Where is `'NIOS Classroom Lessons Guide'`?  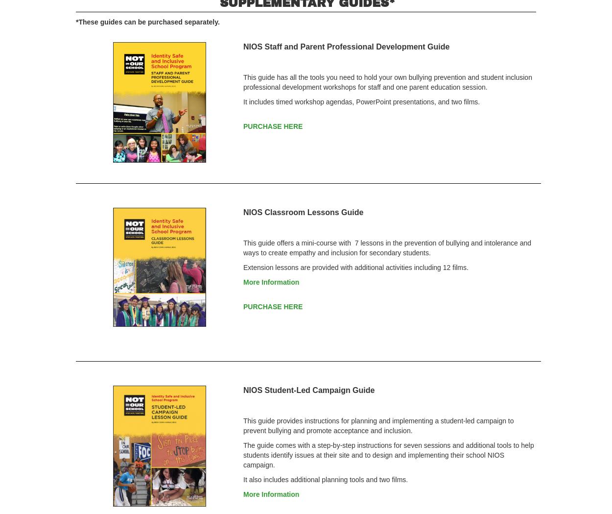 'NIOS Classroom Lessons Guide' is located at coordinates (303, 212).